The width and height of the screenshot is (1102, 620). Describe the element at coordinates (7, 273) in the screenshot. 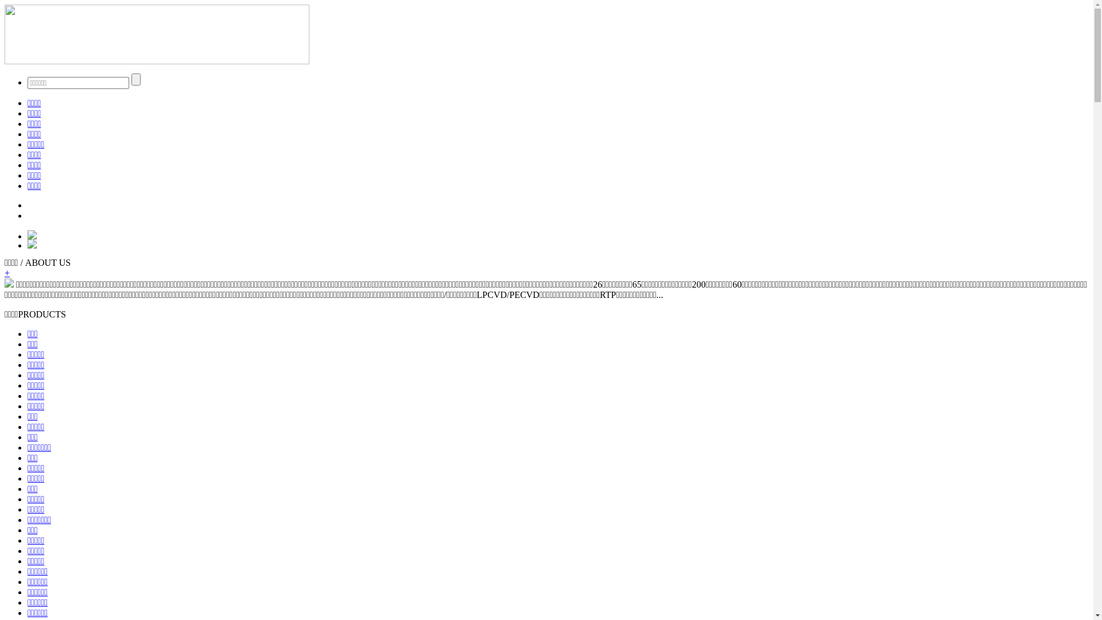

I see `'+'` at that location.